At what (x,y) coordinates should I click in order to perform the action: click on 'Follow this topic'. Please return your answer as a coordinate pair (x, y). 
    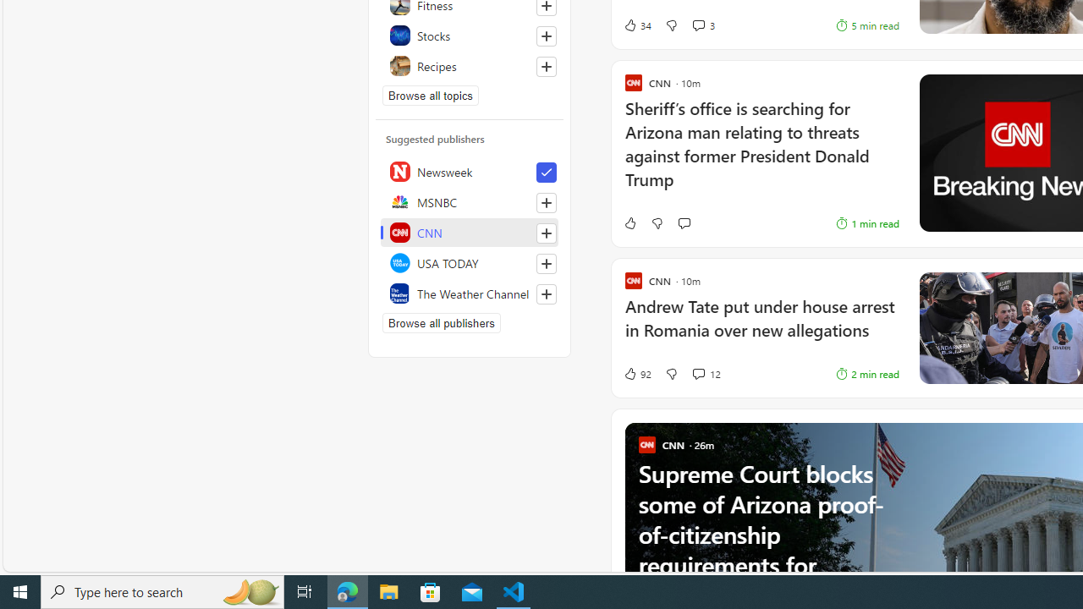
    Looking at the image, I should click on (546, 65).